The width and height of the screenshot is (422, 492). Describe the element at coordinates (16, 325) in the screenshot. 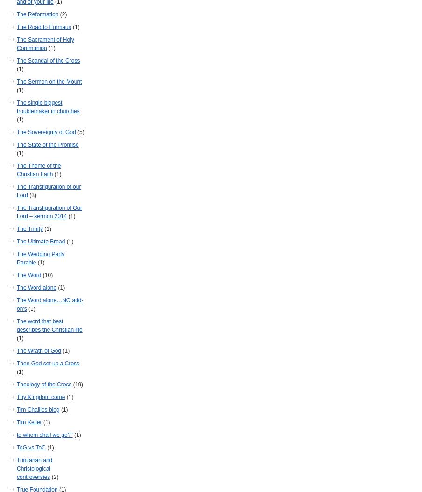

I see `'The word that best describes the Christian life'` at that location.